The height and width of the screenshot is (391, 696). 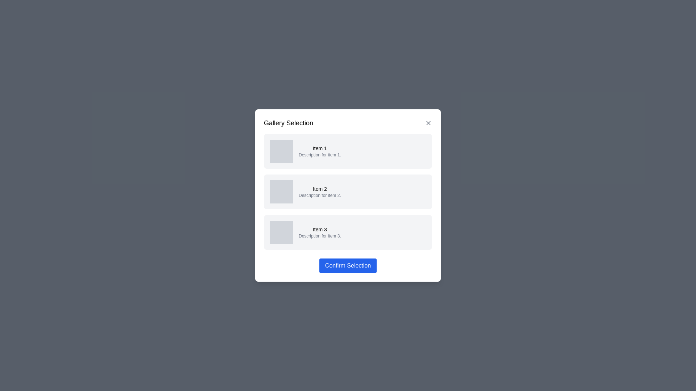 What do you see at coordinates (319, 191) in the screenshot?
I see `the text label containing 'Item 2' and 'Description for item 2.' in bold and lighter text, which is centrally aligned in the second card of a vertically stacked list` at bounding box center [319, 191].